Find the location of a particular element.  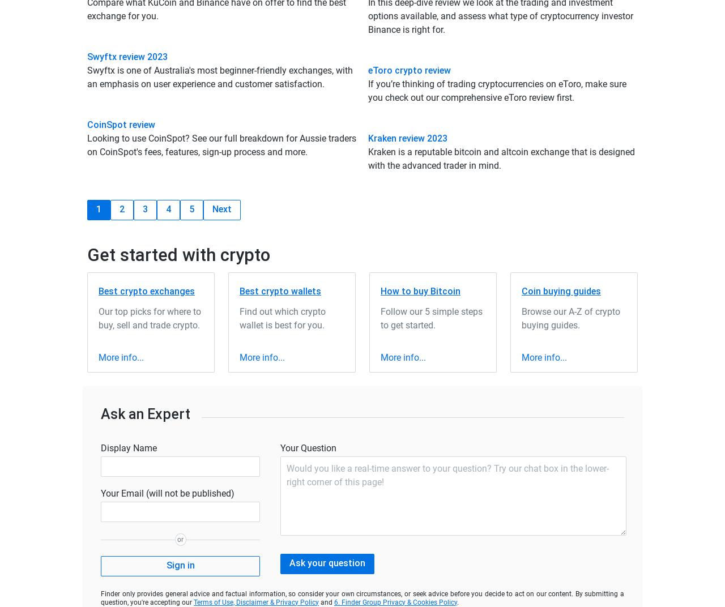

'Your Question' is located at coordinates (308, 447).